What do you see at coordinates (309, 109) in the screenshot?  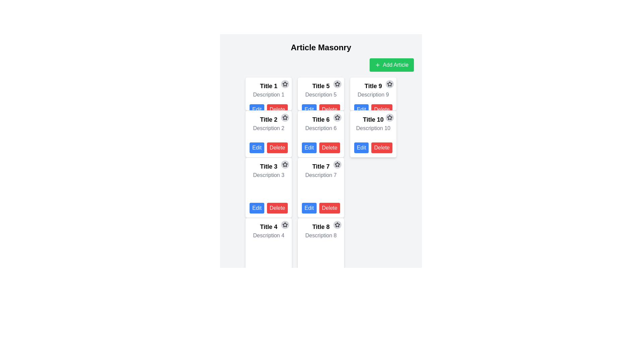 I see `the button located in the second position under the card labeled 'Title 5'` at bounding box center [309, 109].